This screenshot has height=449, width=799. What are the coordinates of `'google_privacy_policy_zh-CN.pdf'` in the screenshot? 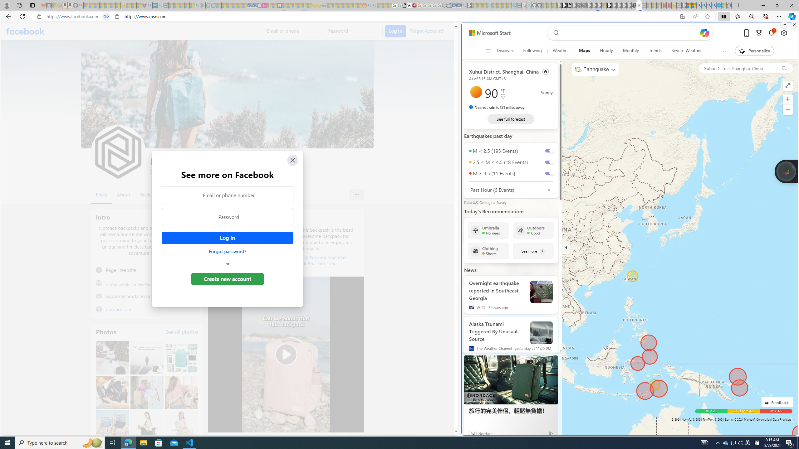 It's located at (404, 5).